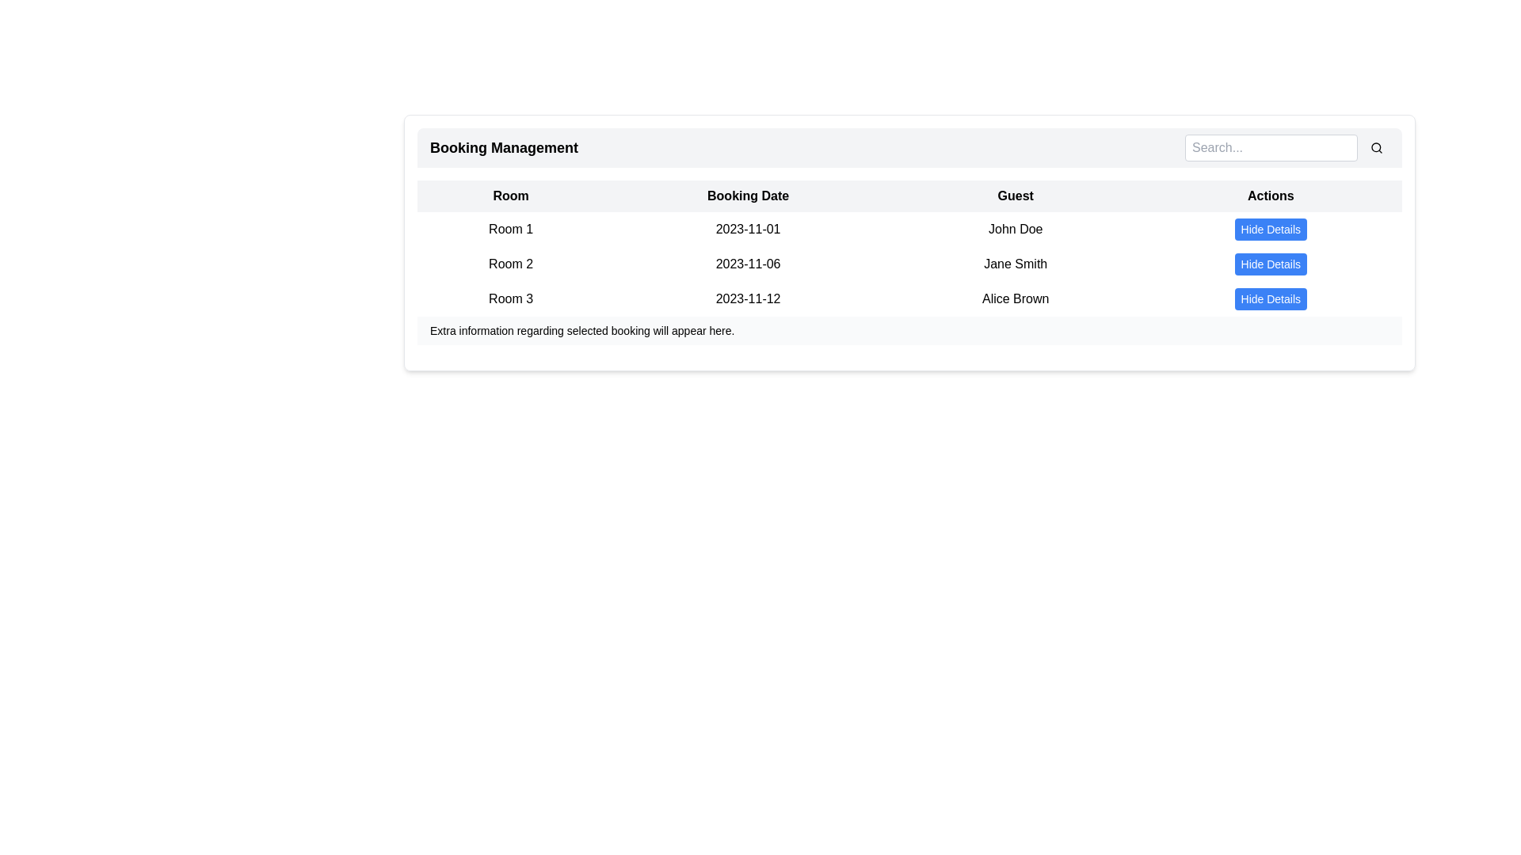 This screenshot has height=855, width=1521. I want to click on the 'Guest' header label in the table, which is bold and prominently displayed in the third column of the header row, visually separated by a light gray background, so click(1016, 195).